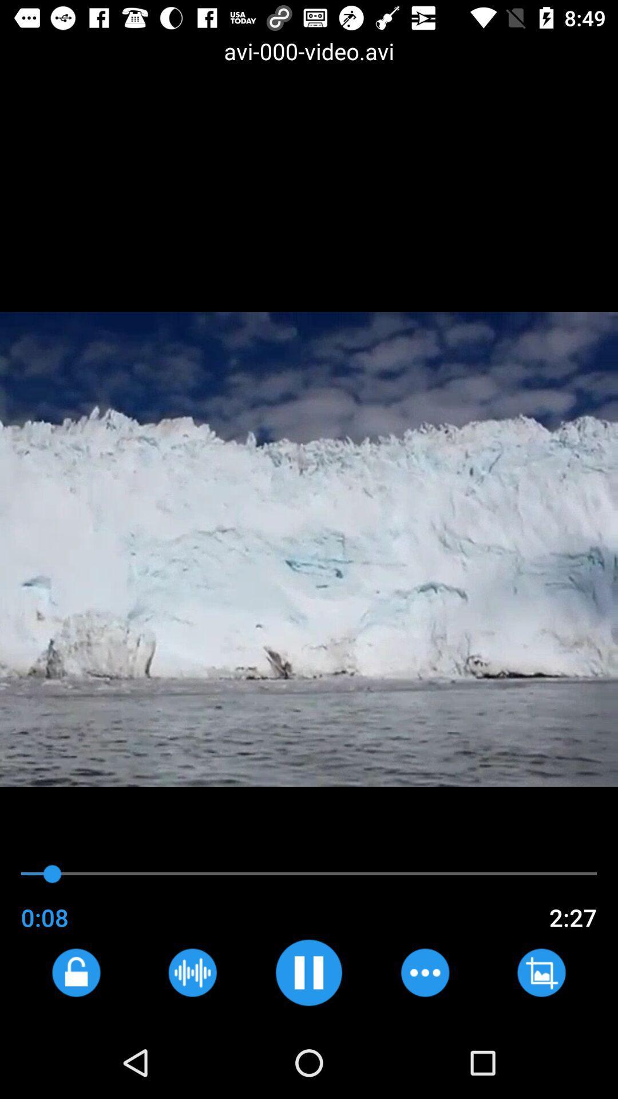 This screenshot has width=618, height=1099. I want to click on button, so click(308, 972).